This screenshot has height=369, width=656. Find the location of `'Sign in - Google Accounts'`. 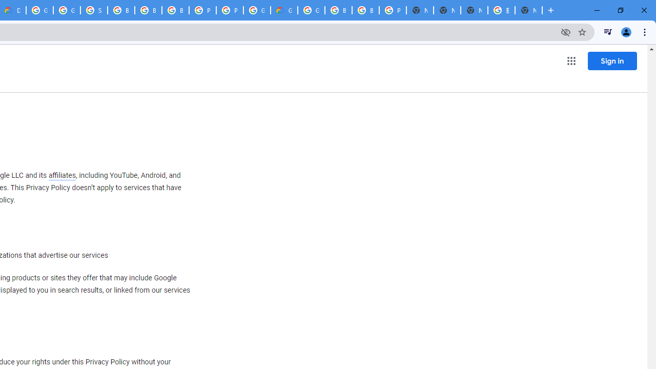

'Sign in - Google Accounts' is located at coordinates (94, 10).